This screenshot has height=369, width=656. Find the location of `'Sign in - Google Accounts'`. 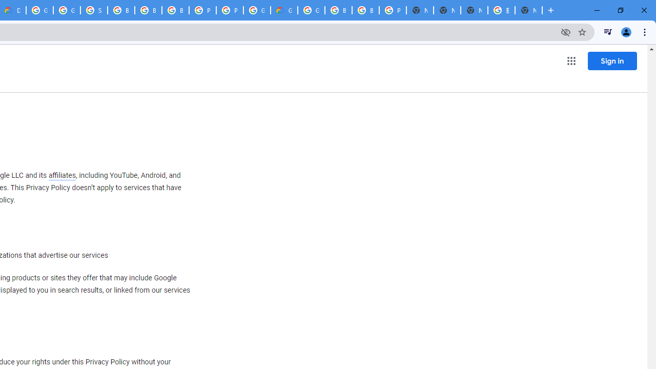

'Sign in - Google Accounts' is located at coordinates (94, 10).